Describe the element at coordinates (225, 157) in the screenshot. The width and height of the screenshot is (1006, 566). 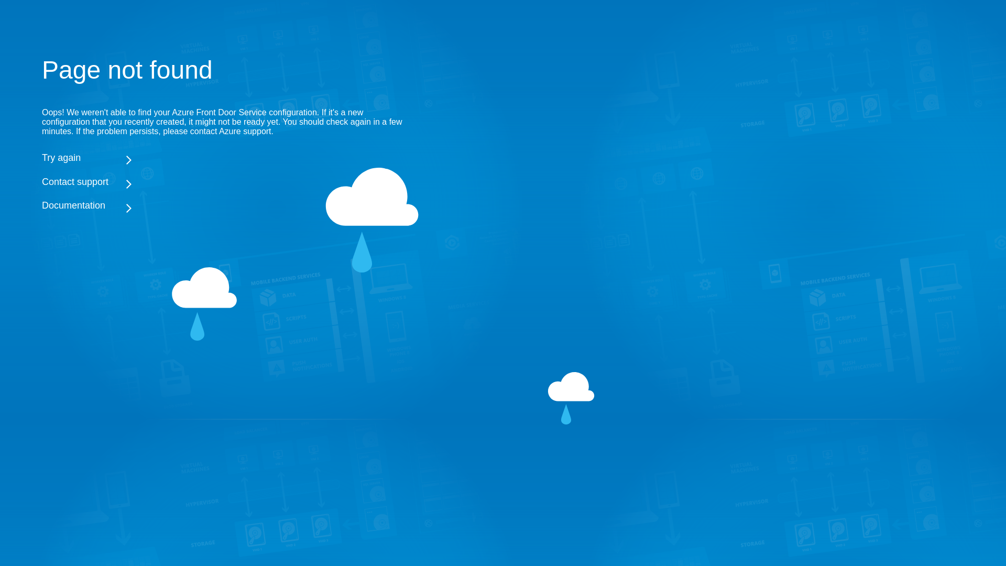
I see `'Try again'` at that location.